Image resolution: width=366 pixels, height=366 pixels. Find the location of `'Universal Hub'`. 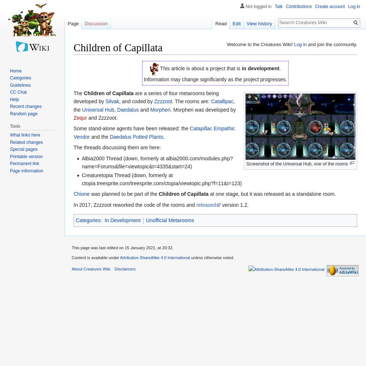

'Universal Hub' is located at coordinates (82, 109).